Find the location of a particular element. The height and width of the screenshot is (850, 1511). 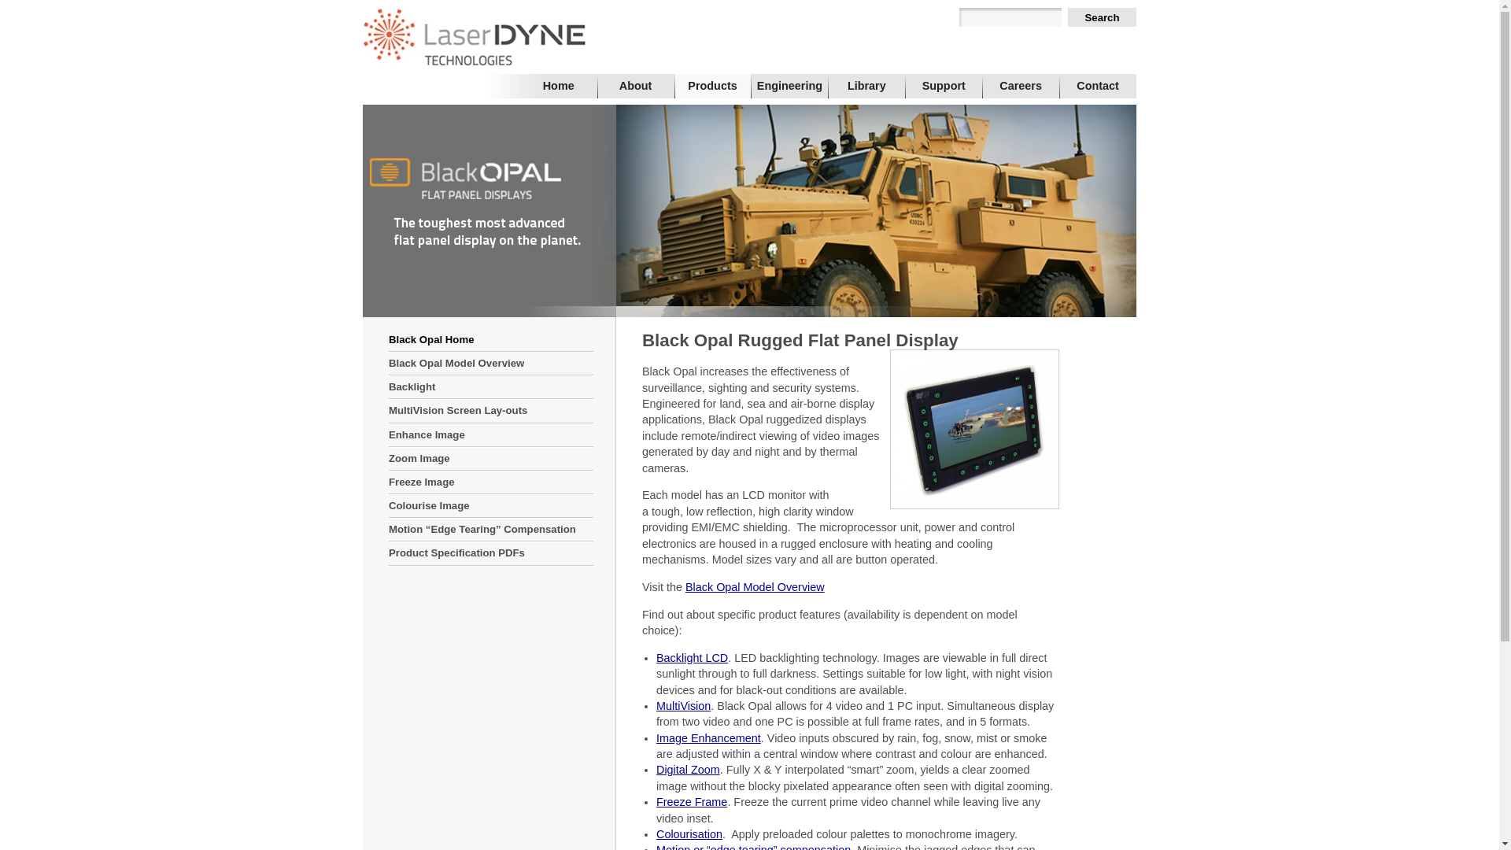

'Contact' is located at coordinates (1097, 86).